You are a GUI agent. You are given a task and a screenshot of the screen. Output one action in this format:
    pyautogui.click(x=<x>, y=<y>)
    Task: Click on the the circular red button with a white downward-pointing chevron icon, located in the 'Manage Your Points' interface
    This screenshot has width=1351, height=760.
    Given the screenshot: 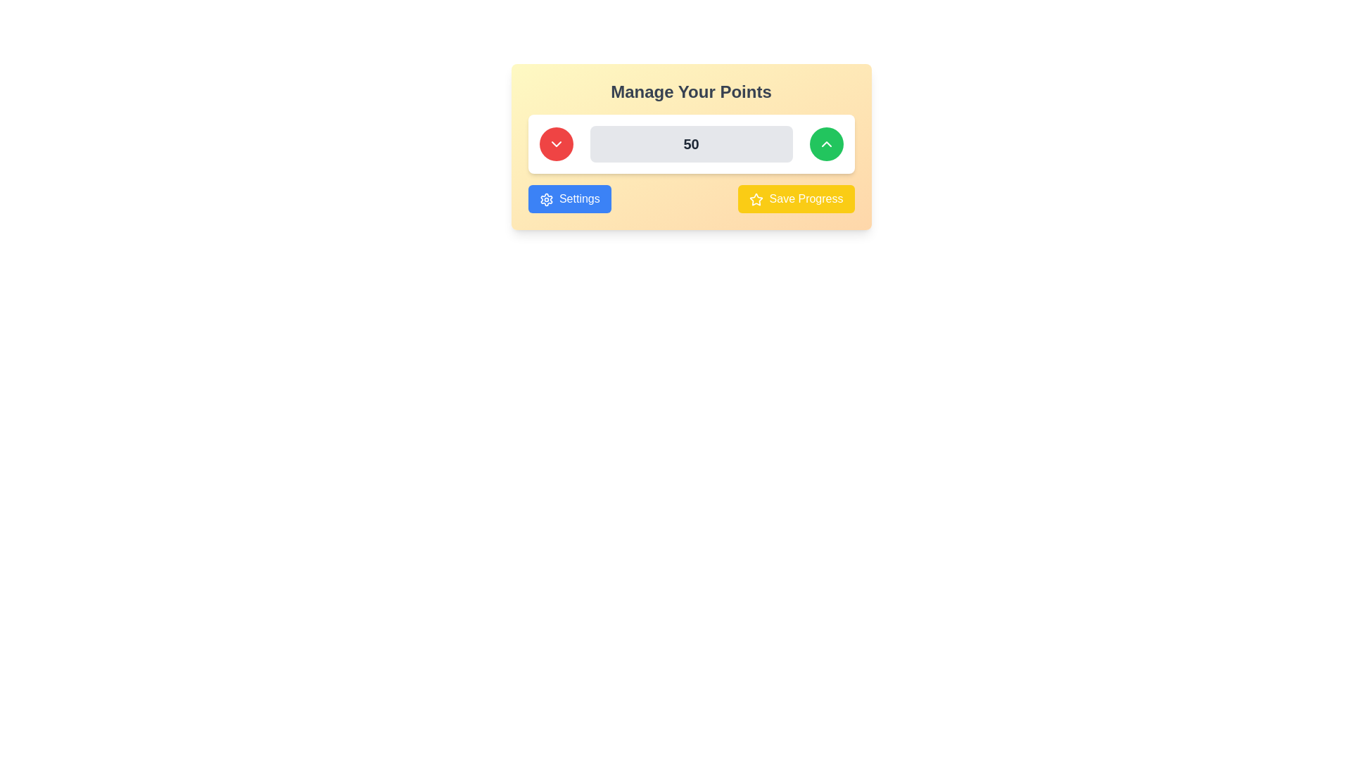 What is the action you would take?
    pyautogui.click(x=555, y=144)
    